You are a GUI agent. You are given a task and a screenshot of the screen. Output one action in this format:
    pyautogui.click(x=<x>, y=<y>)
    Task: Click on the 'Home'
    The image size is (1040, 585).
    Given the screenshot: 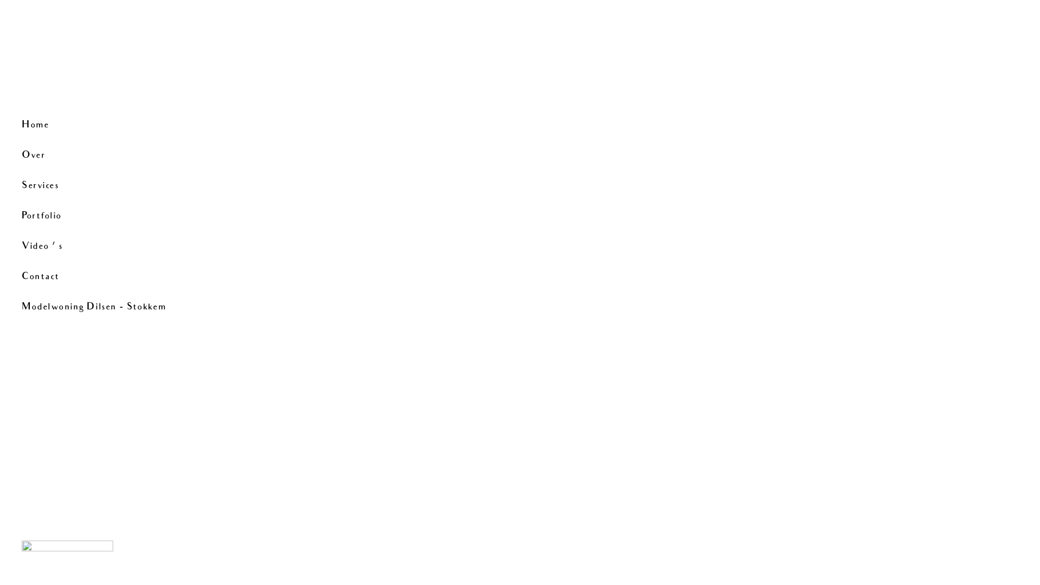 What is the action you would take?
    pyautogui.click(x=21, y=125)
    